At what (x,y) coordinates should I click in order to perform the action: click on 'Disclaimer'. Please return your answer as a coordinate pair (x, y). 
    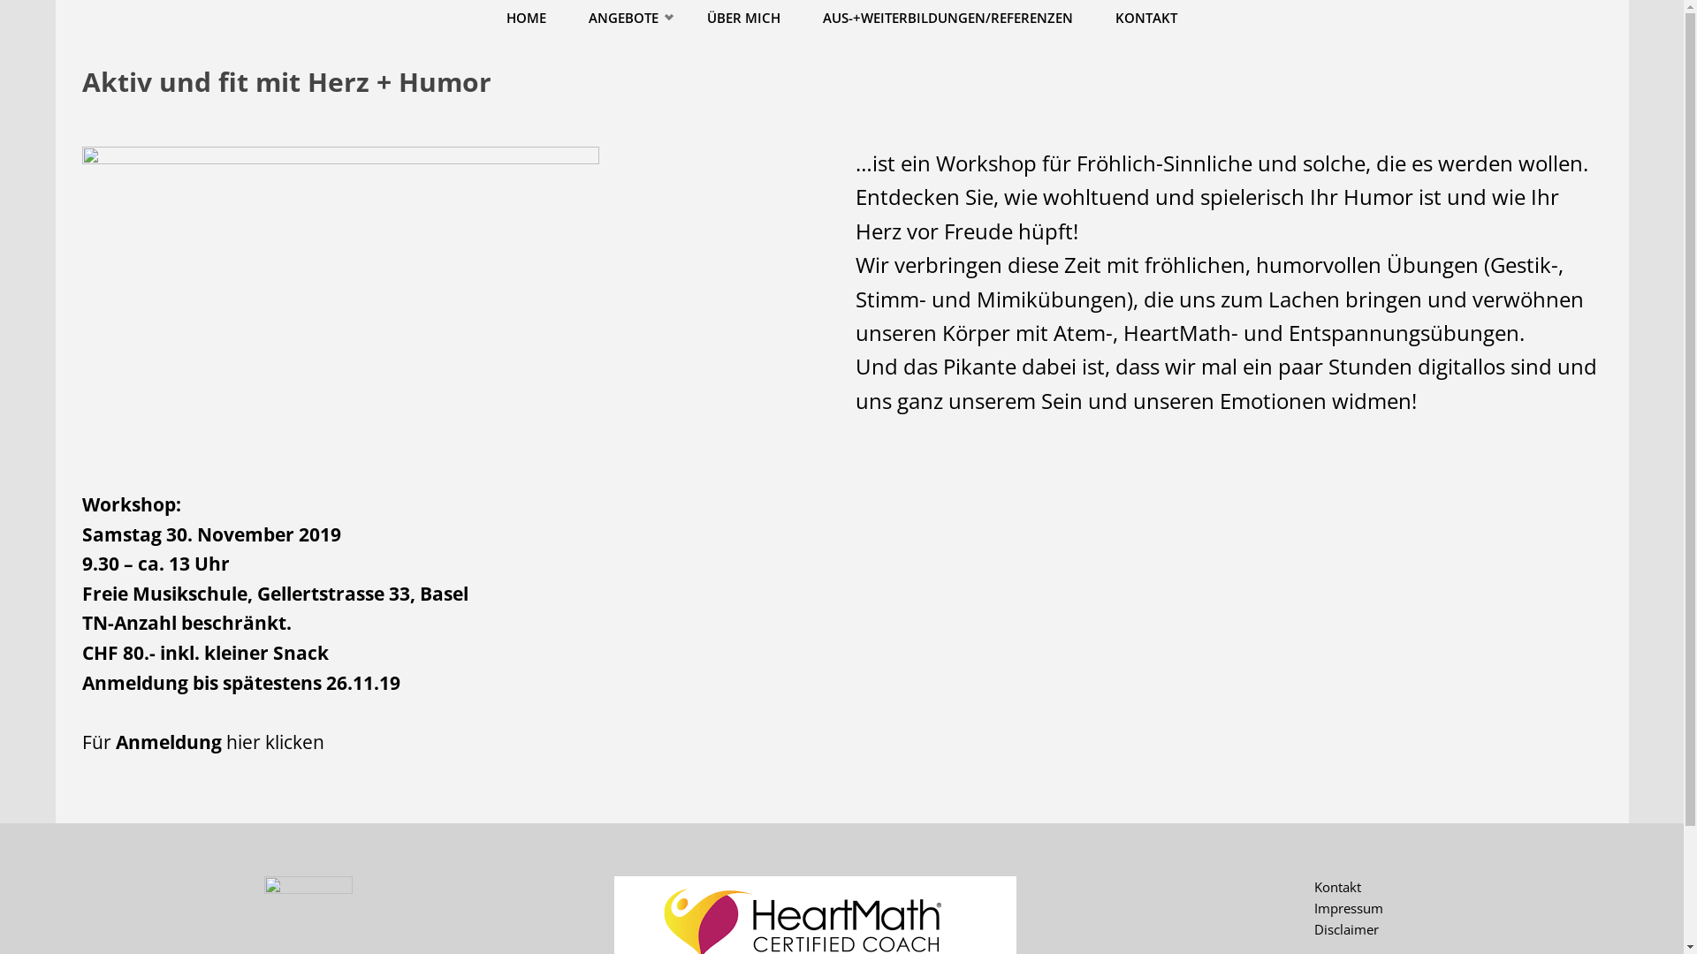
    Looking at the image, I should click on (1345, 928).